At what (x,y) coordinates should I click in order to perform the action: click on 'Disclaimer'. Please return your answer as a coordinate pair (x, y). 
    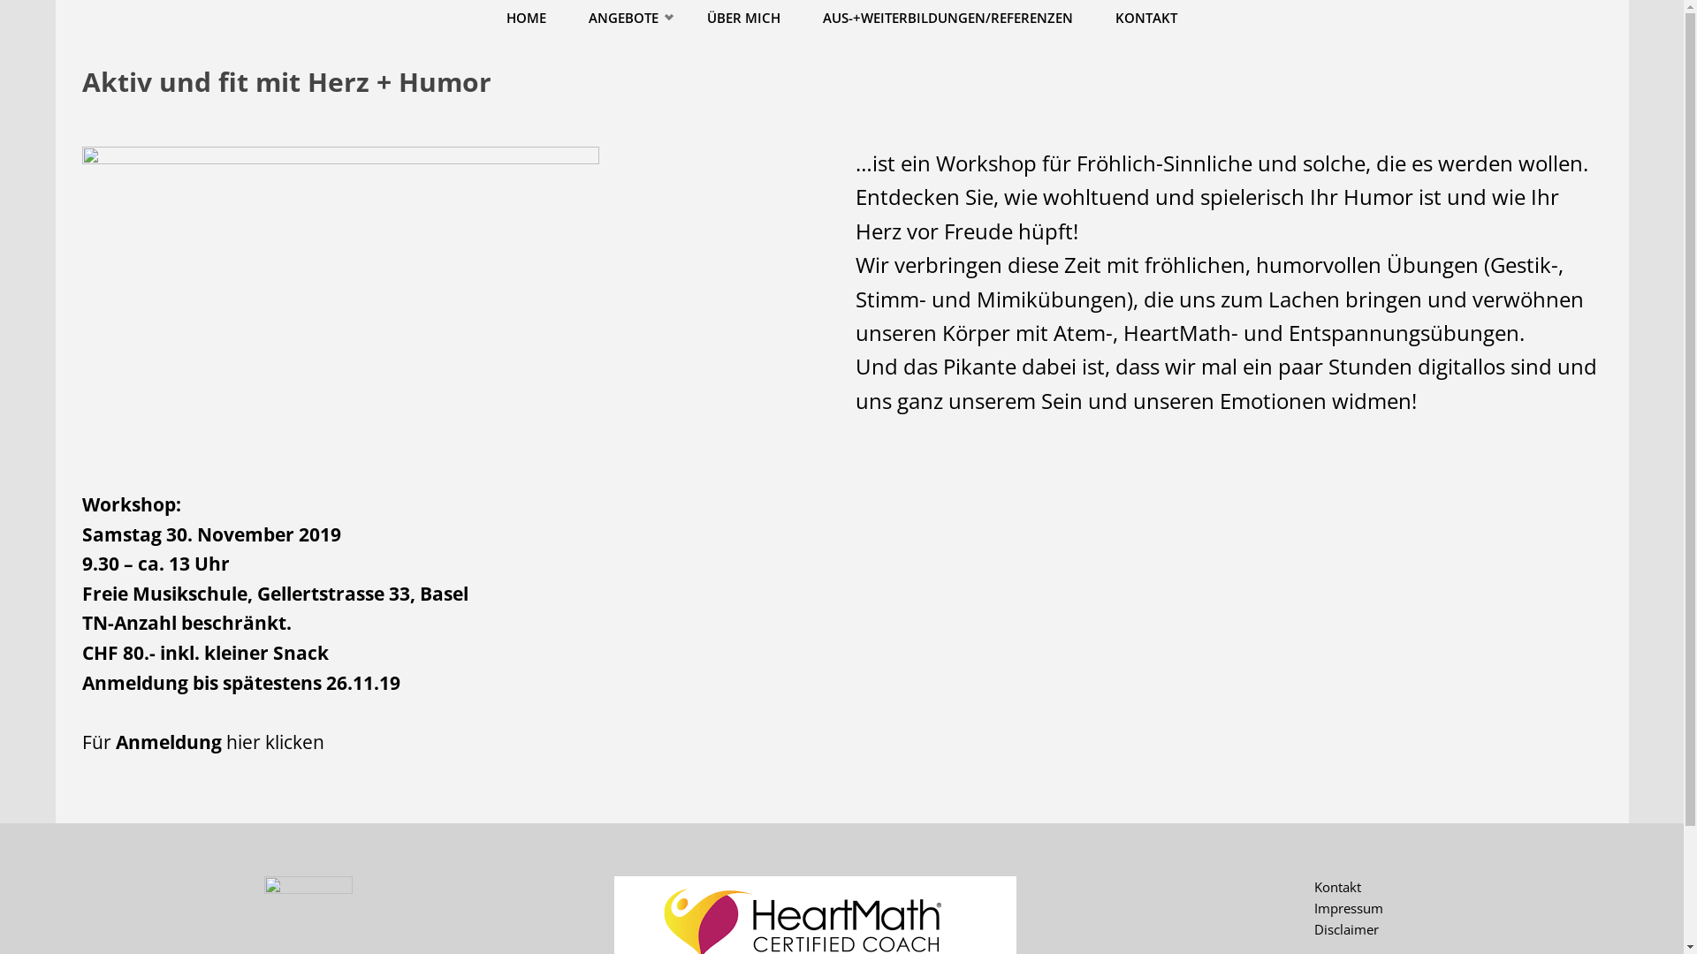
    Looking at the image, I should click on (1345, 928).